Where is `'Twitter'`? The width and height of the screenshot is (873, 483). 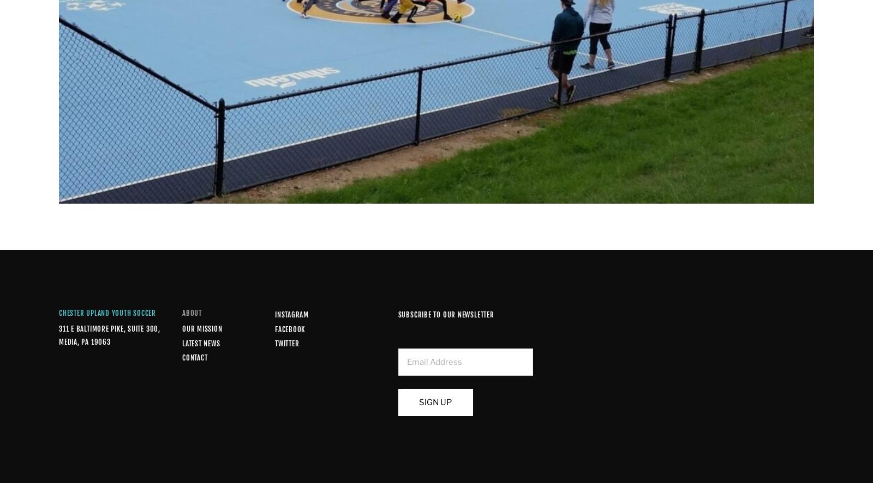 'Twitter' is located at coordinates (286, 343).